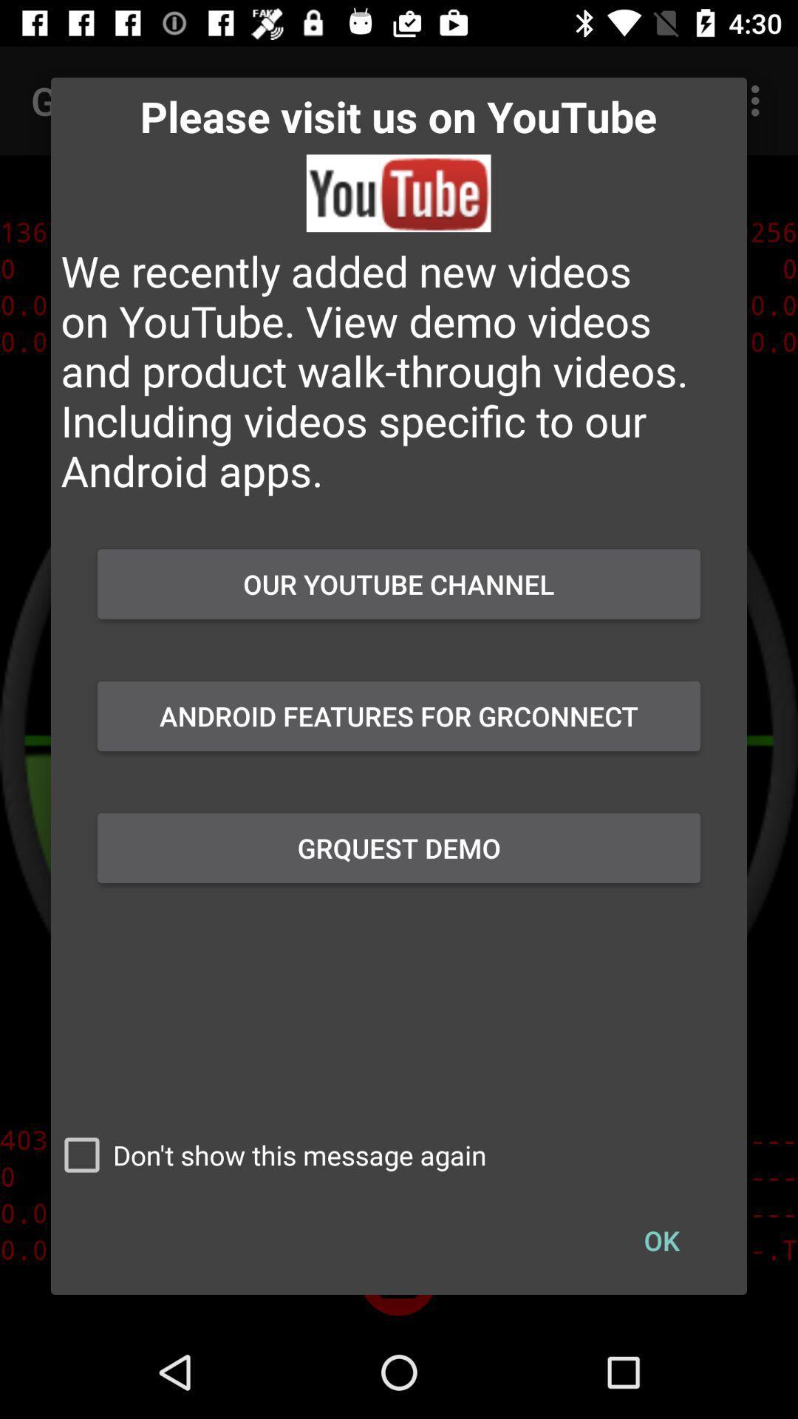  Describe the element at coordinates (661, 1240) in the screenshot. I see `the ok icon` at that location.